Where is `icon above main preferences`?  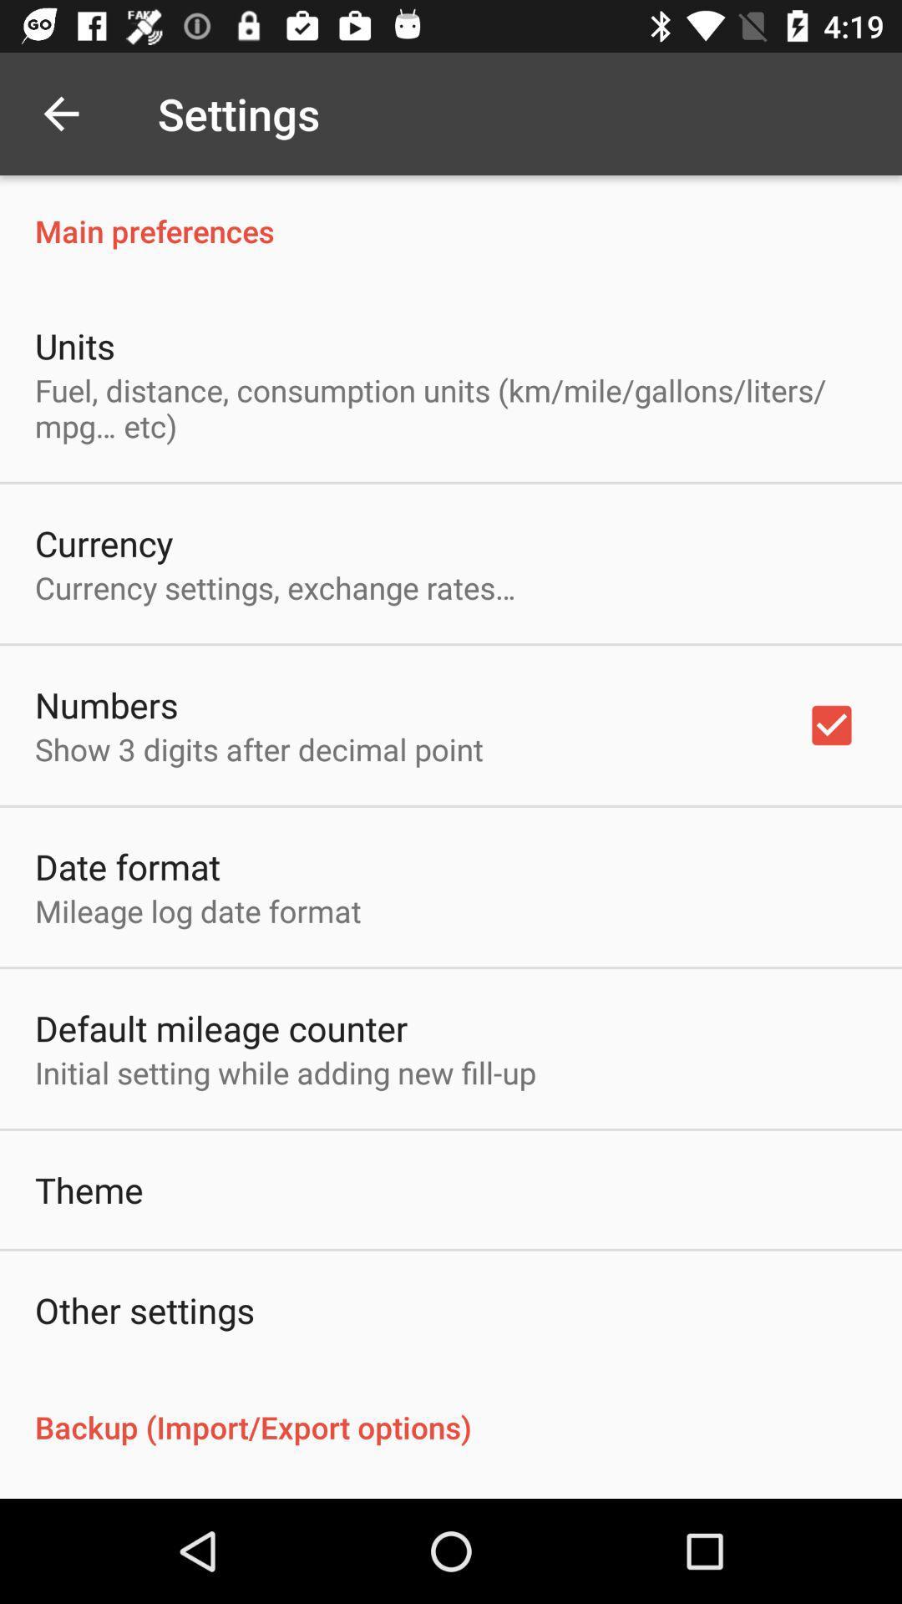 icon above main preferences is located at coordinates (60, 113).